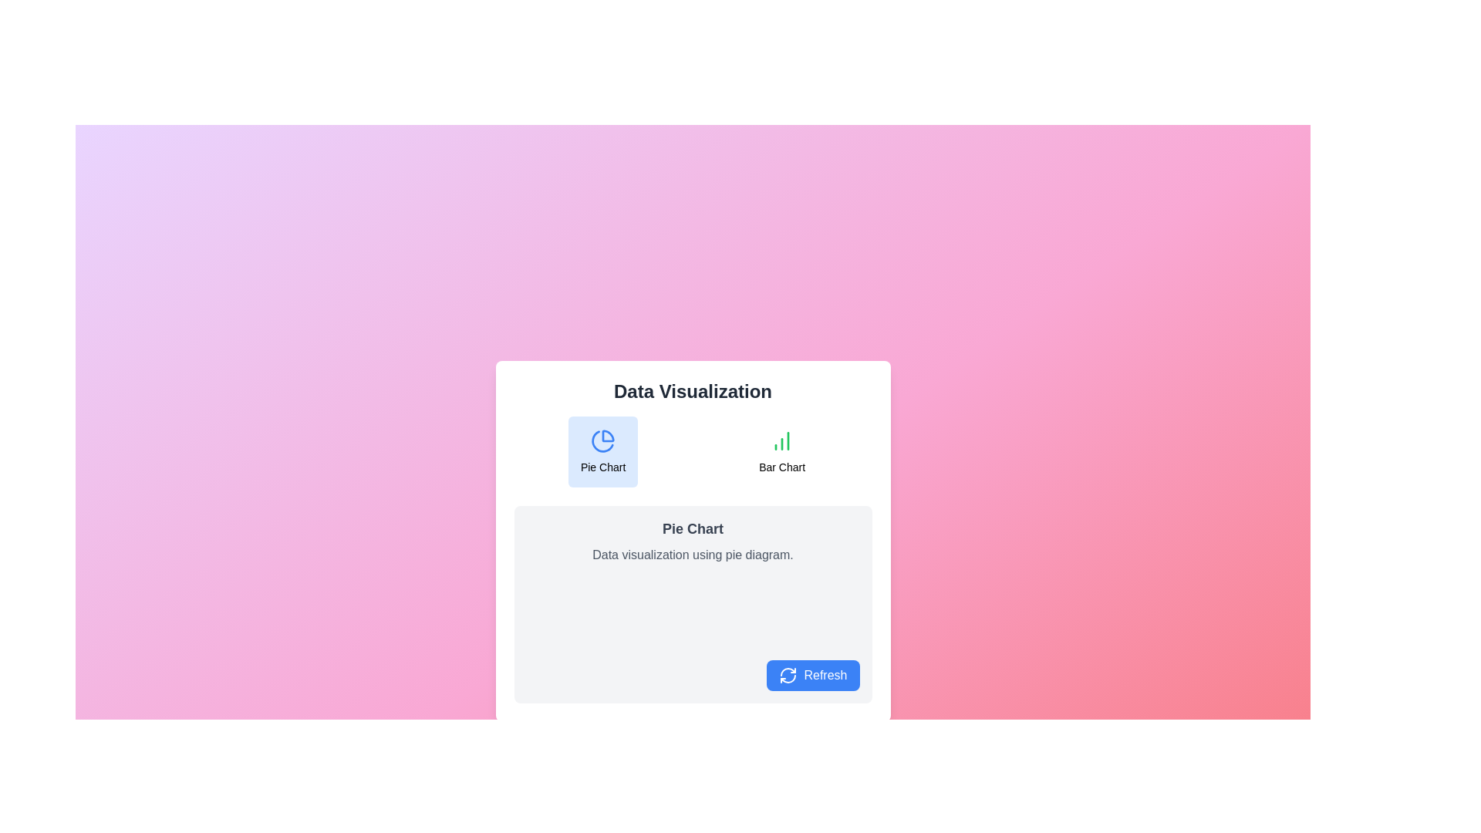 The image size is (1481, 833). What do you see at coordinates (812, 674) in the screenshot?
I see `the blue rounded rectangular button labeled 'Refresh' located in the bottom-right corner of the 'Pie Chart' section to refresh the data` at bounding box center [812, 674].